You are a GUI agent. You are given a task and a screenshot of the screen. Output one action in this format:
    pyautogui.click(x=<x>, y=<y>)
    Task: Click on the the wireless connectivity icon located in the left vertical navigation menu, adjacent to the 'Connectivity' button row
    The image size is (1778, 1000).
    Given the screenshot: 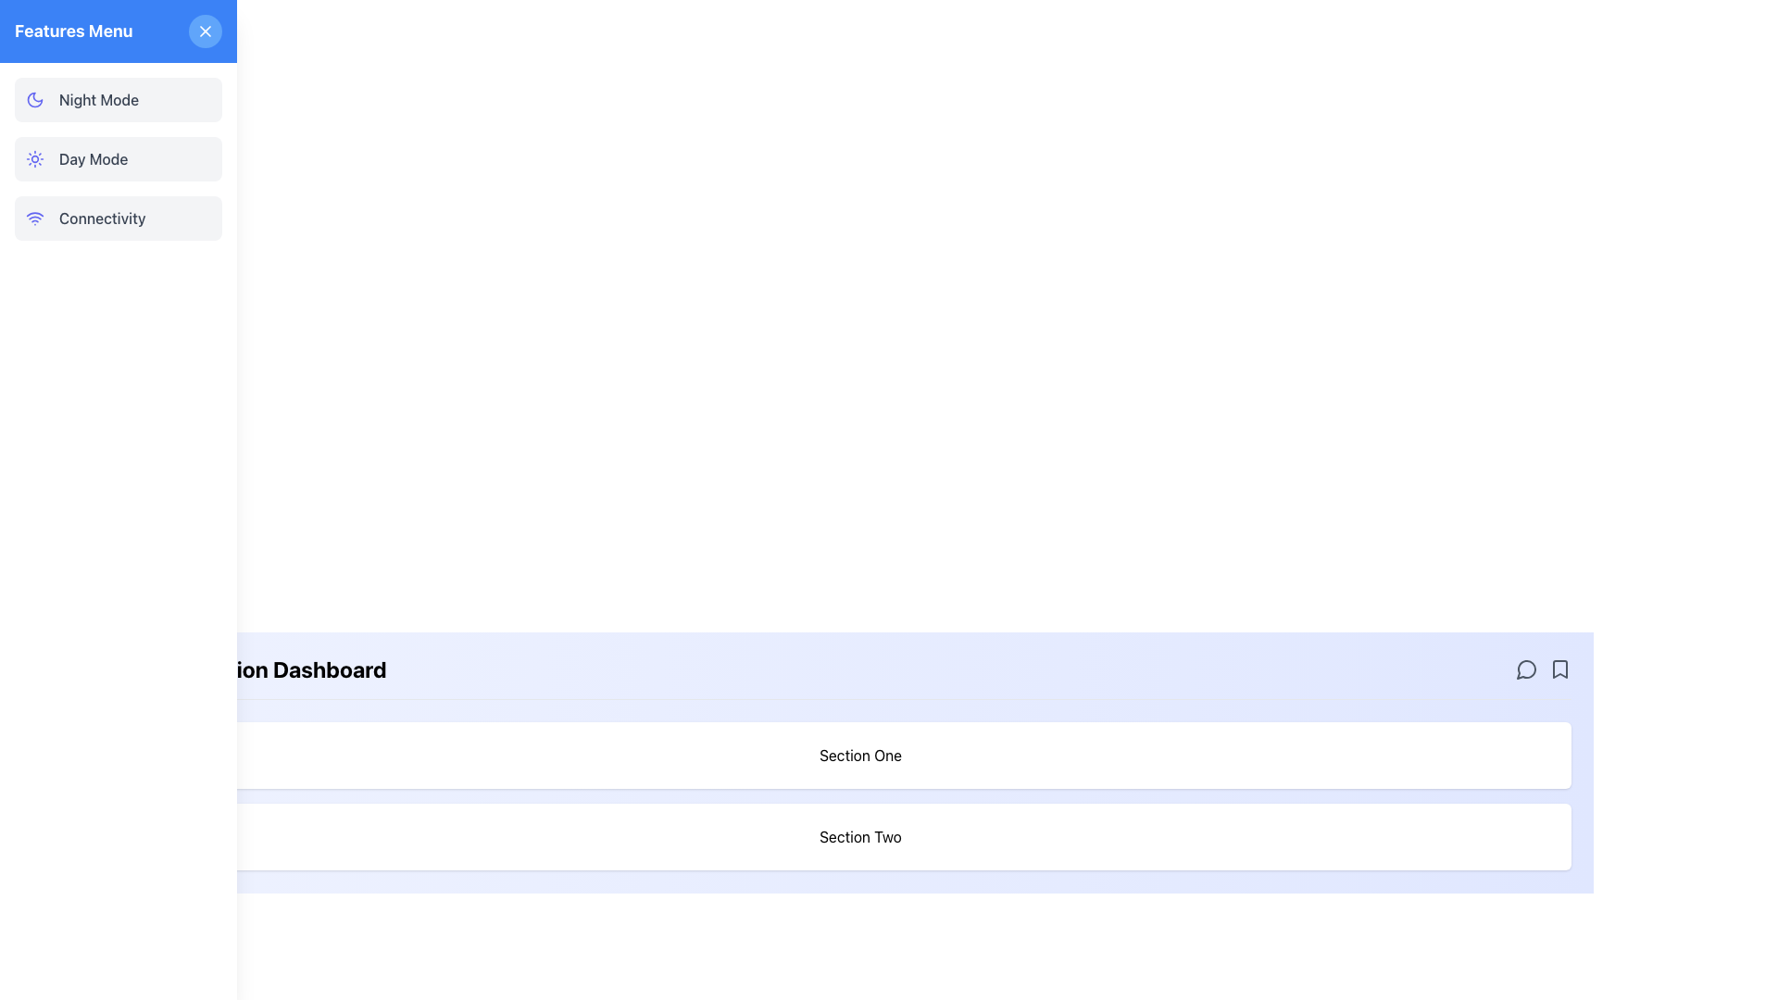 What is the action you would take?
    pyautogui.click(x=35, y=217)
    